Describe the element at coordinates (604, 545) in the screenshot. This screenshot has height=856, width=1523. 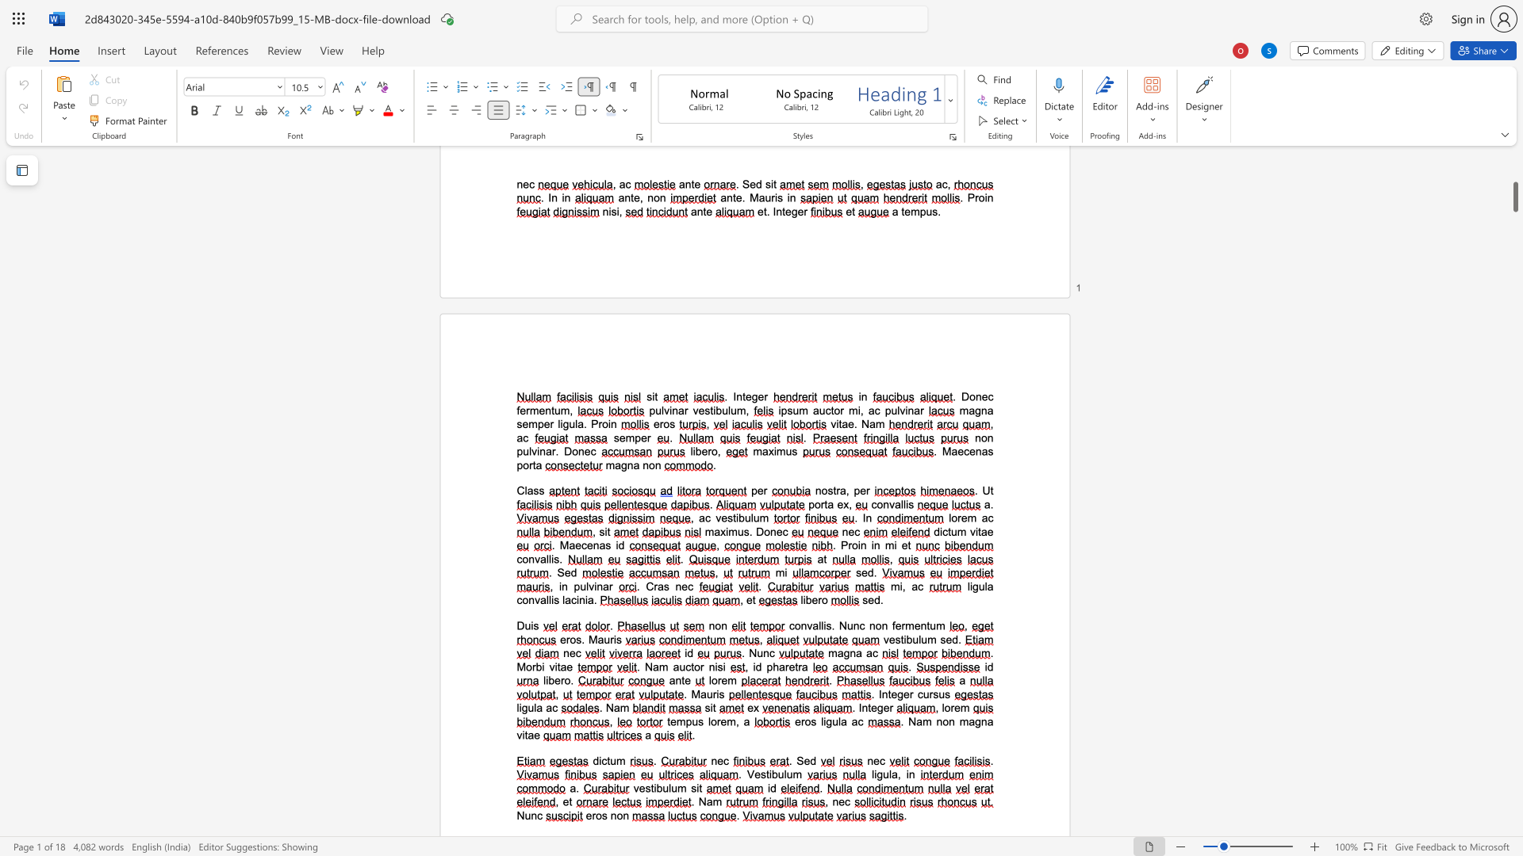
I see `the space between the continuous character "a" and "s" in the text` at that location.